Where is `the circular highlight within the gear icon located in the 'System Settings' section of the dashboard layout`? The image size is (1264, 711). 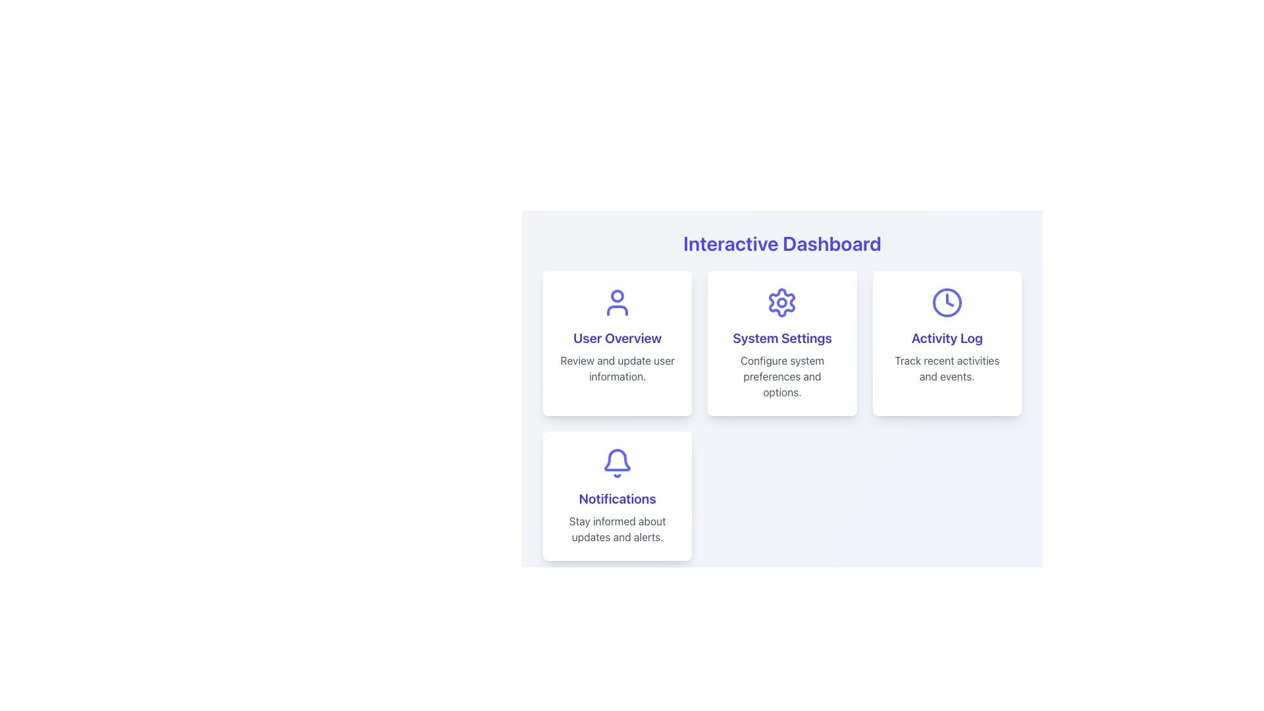
the circular highlight within the gear icon located in the 'System Settings' section of the dashboard layout is located at coordinates (782, 302).